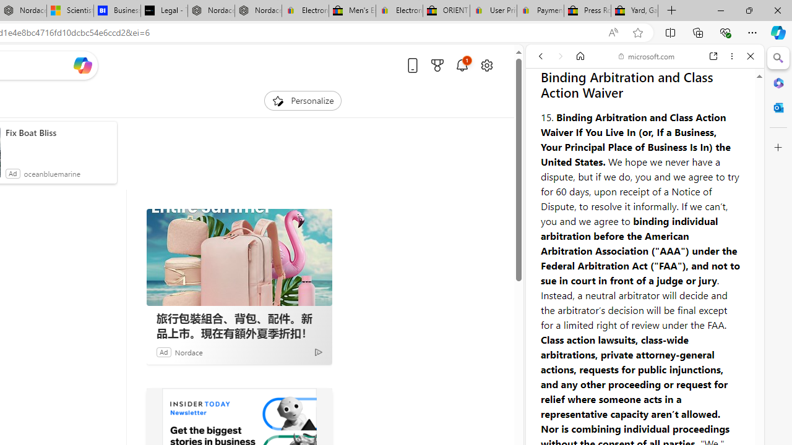 The image size is (792, 445). Describe the element at coordinates (580, 56) in the screenshot. I see `'Home'` at that location.